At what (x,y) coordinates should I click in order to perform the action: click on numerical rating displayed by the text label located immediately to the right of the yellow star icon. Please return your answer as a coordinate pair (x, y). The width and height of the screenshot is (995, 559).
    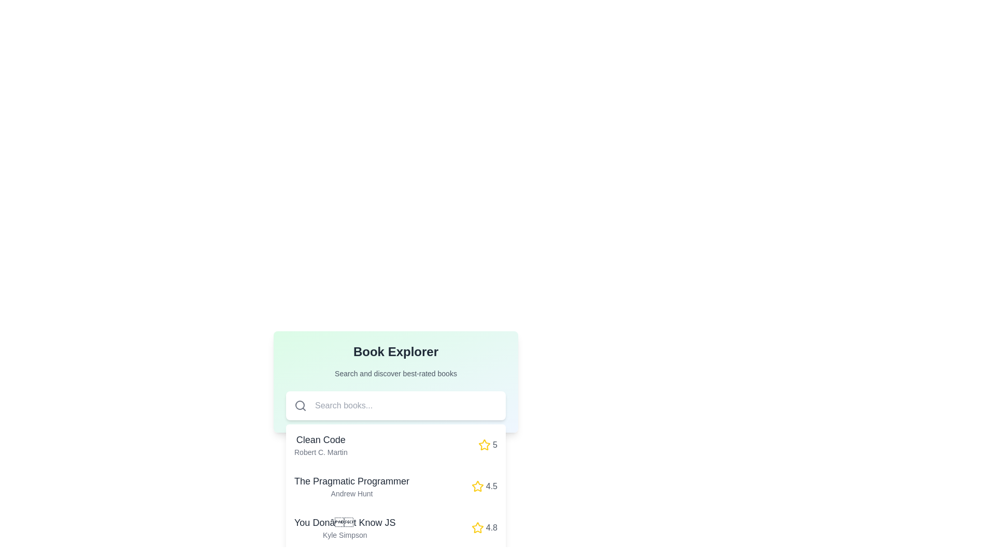
    Looking at the image, I should click on (494, 445).